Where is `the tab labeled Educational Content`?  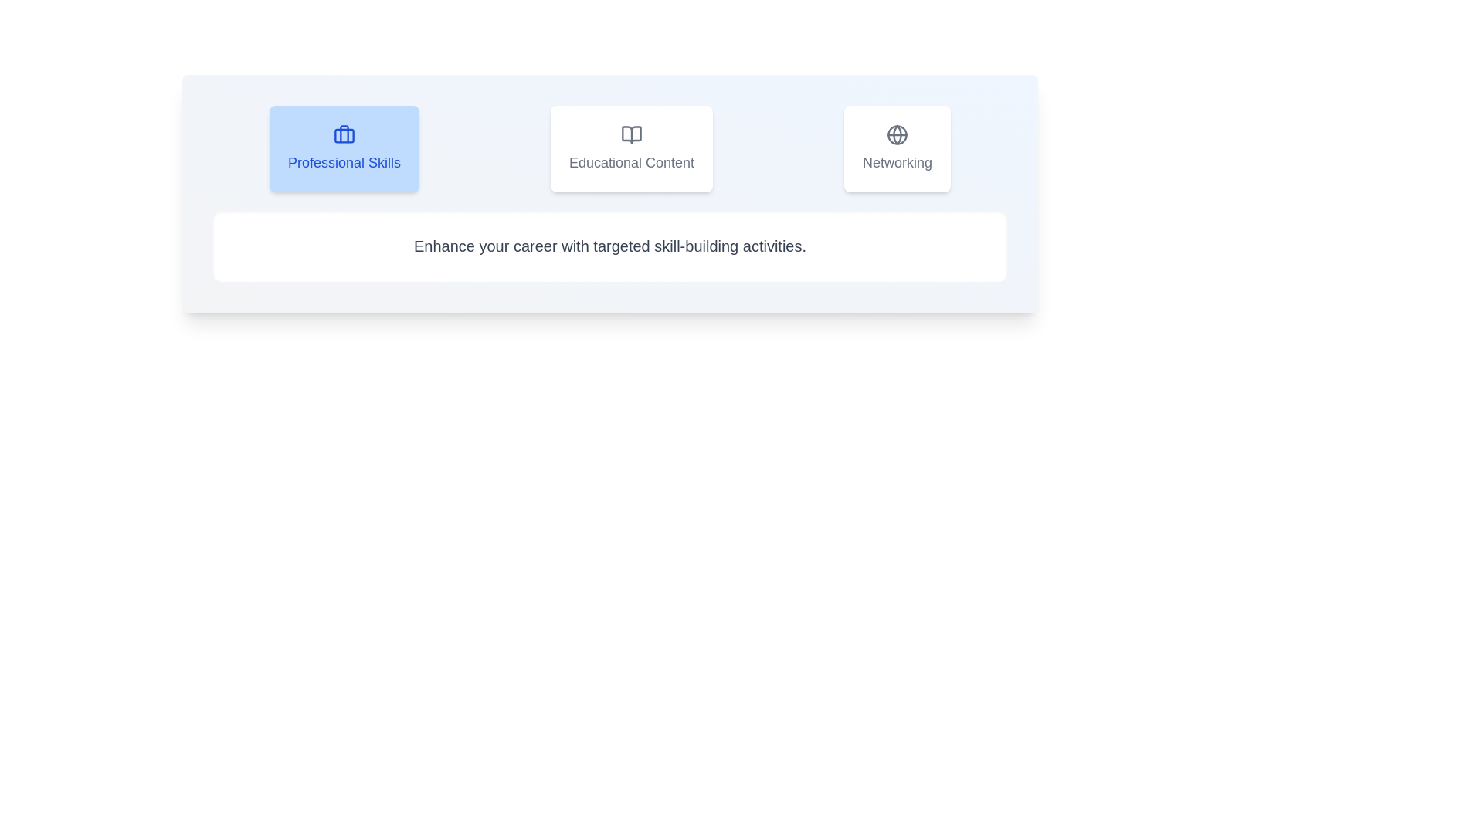 the tab labeled Educational Content is located at coordinates (631, 148).